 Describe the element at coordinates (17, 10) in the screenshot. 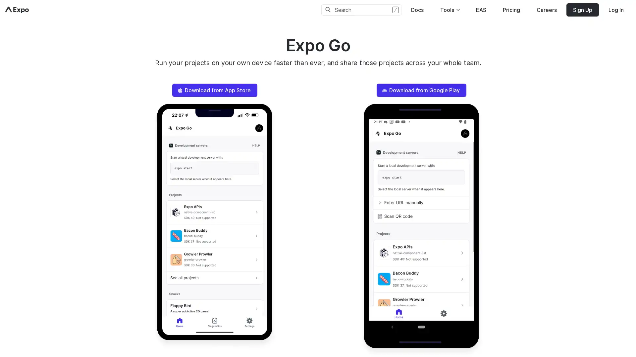

I see `Word-mark-logo` at that location.